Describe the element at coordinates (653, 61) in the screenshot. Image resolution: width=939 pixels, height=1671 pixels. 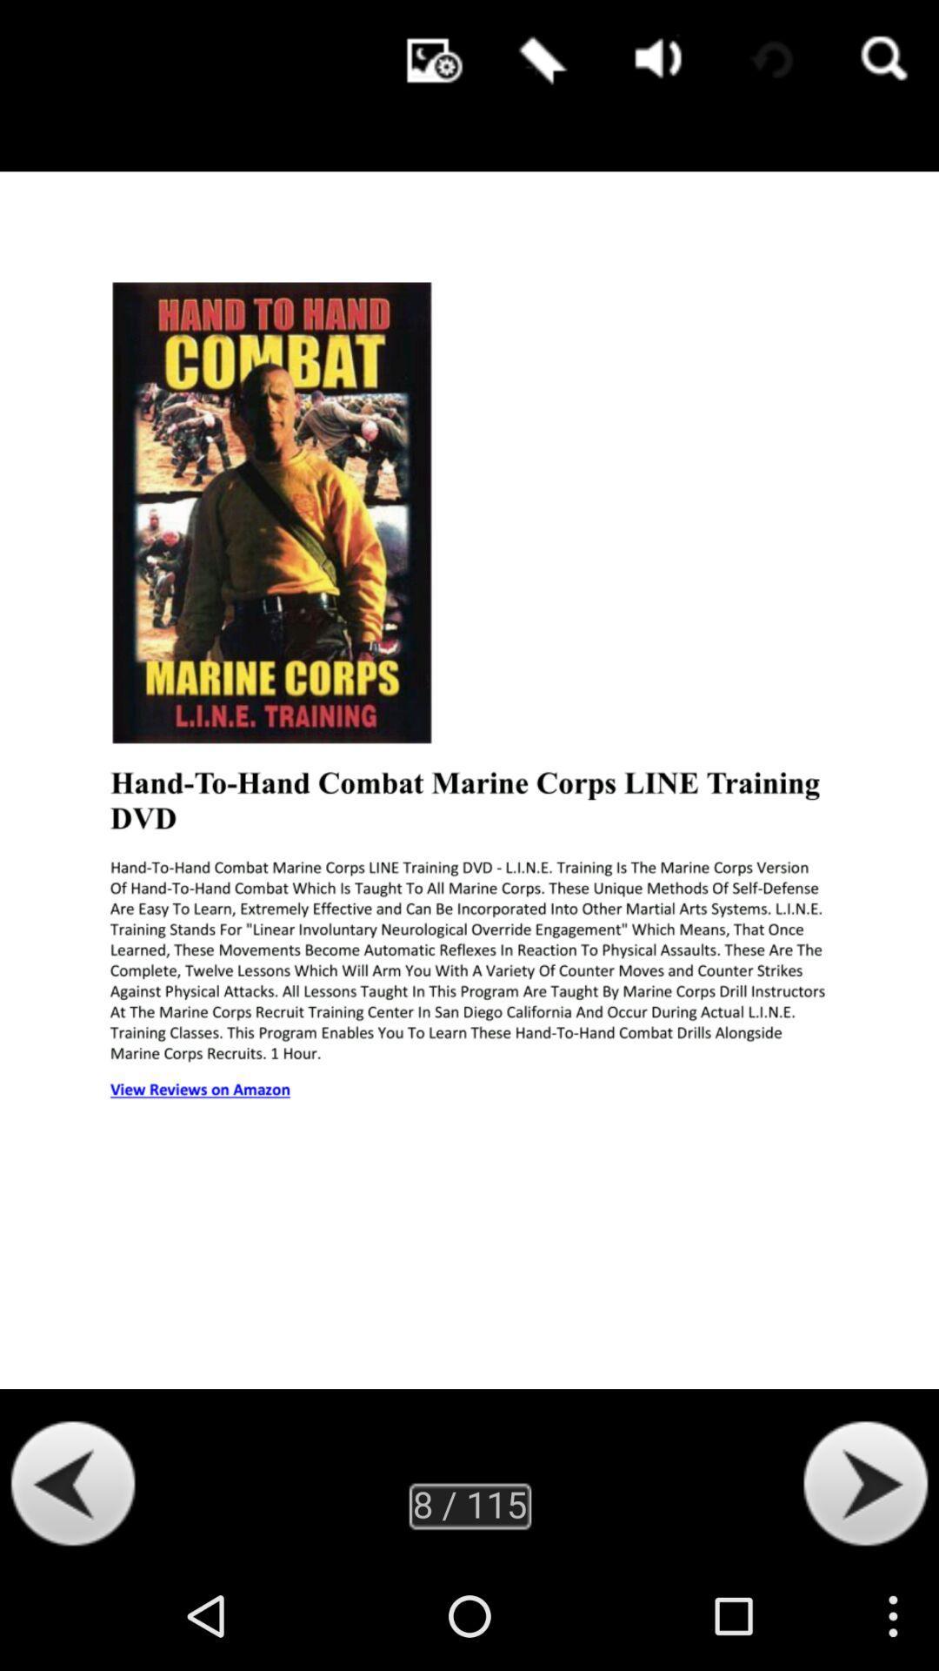
I see `the volume icon` at that location.